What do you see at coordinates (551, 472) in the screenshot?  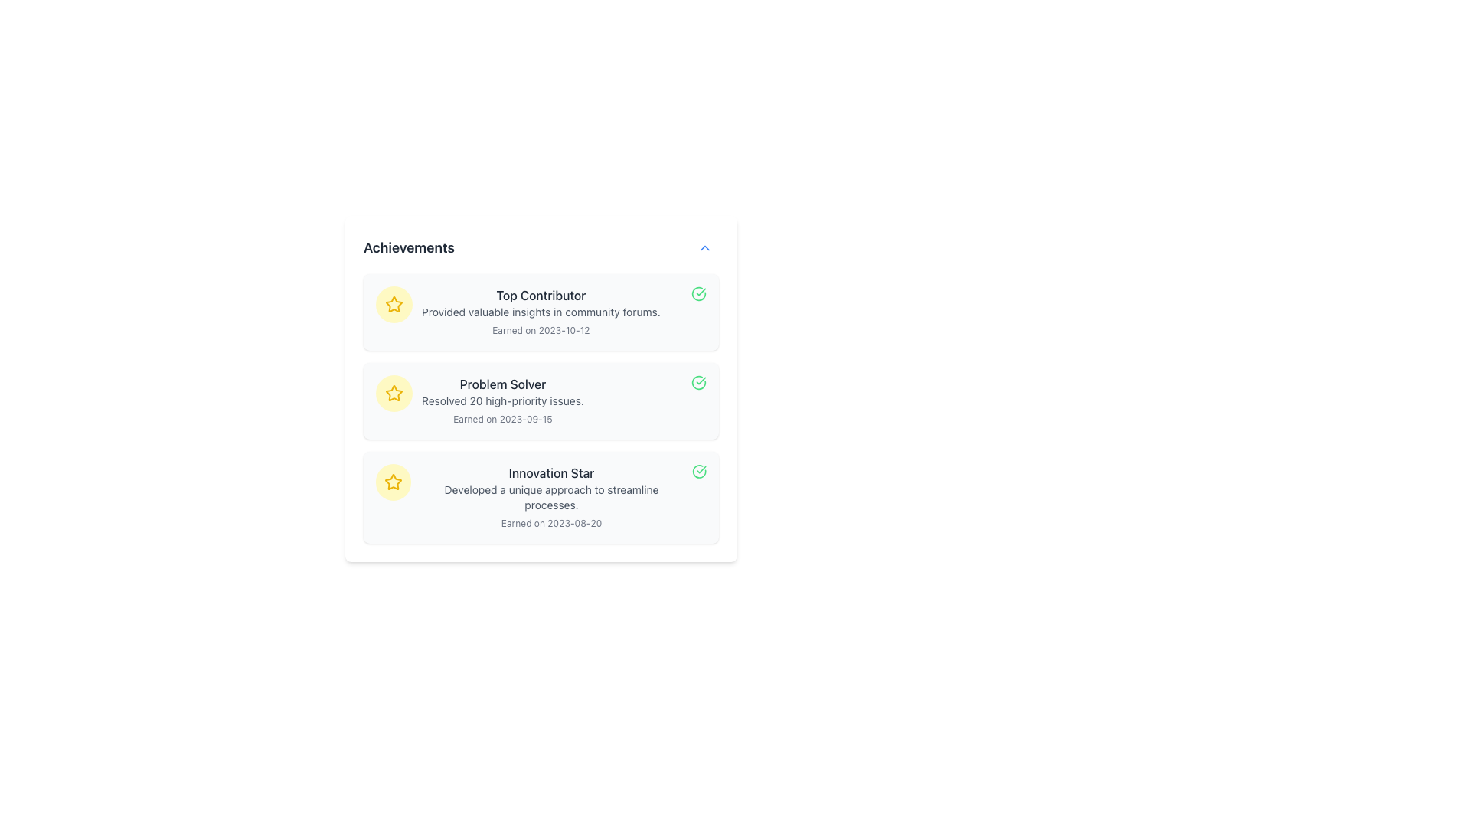 I see `text element that serves as the title for a specific achievement, located at the top of the achievement information block` at bounding box center [551, 472].